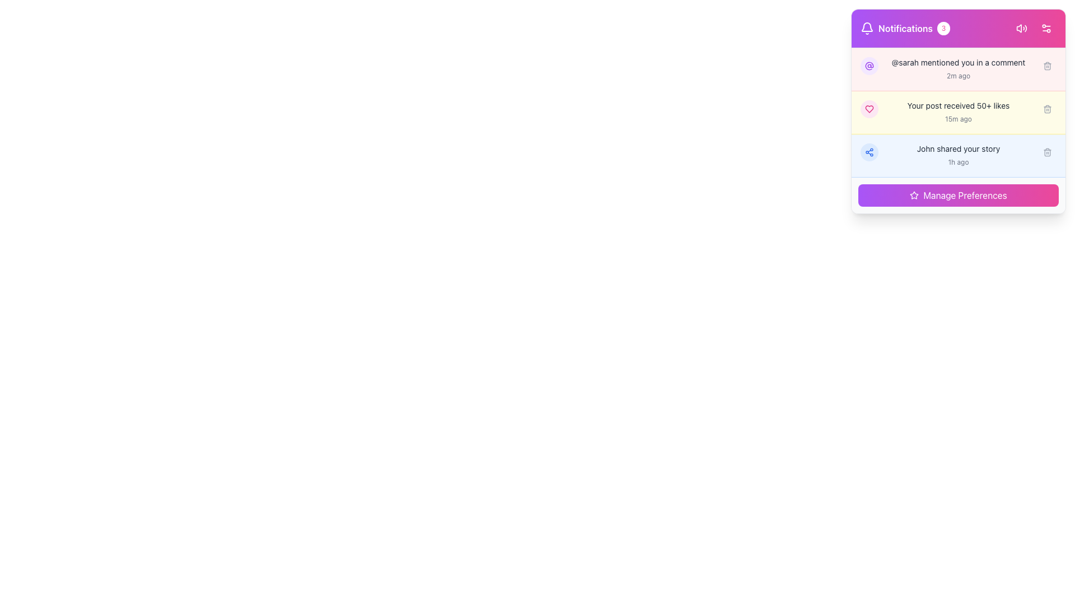 The height and width of the screenshot is (605, 1075). Describe the element at coordinates (914, 194) in the screenshot. I see `the 'Manage Preferences' button that contains a purple outlined star icon on the left side of the text` at that location.